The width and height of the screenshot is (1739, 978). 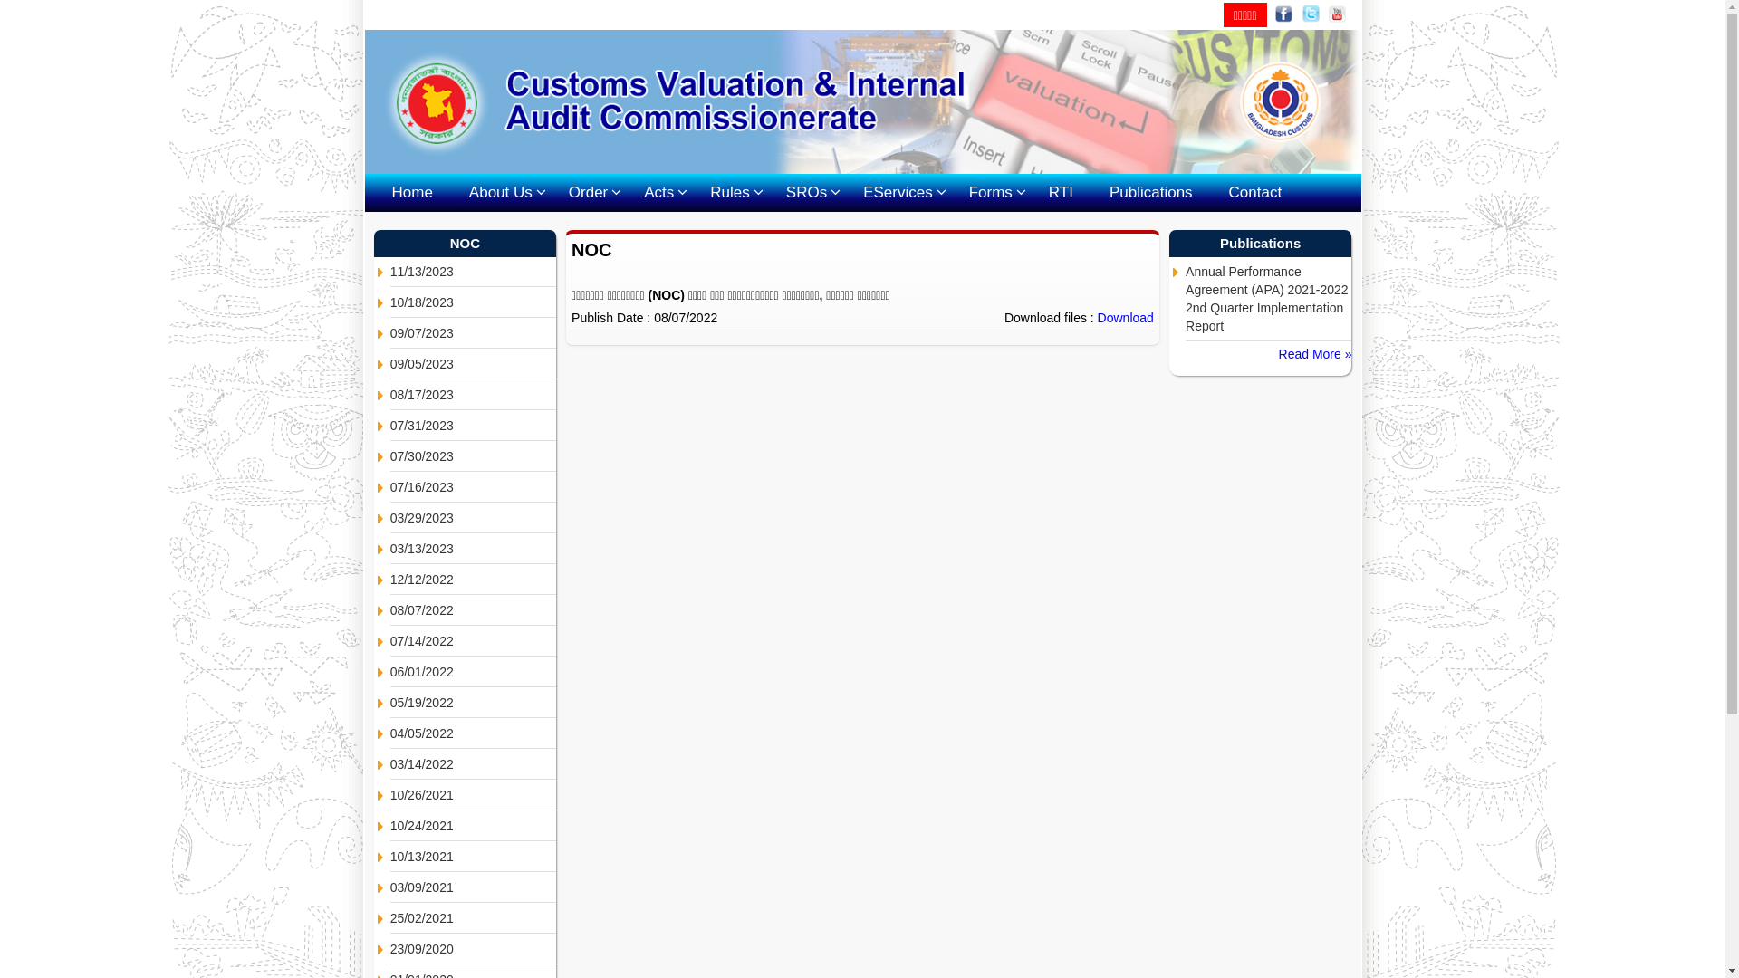 What do you see at coordinates (473, 302) in the screenshot?
I see `'10/18/2023'` at bounding box center [473, 302].